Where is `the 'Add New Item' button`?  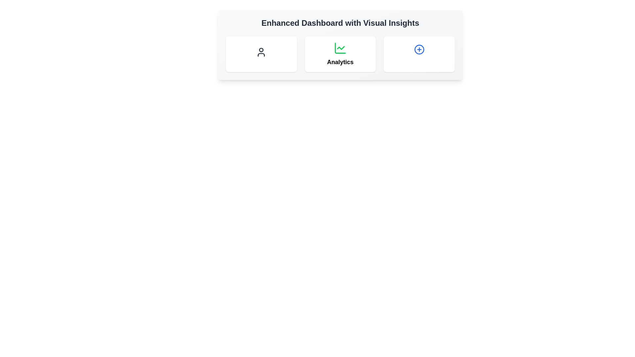 the 'Add New Item' button is located at coordinates (419, 54).